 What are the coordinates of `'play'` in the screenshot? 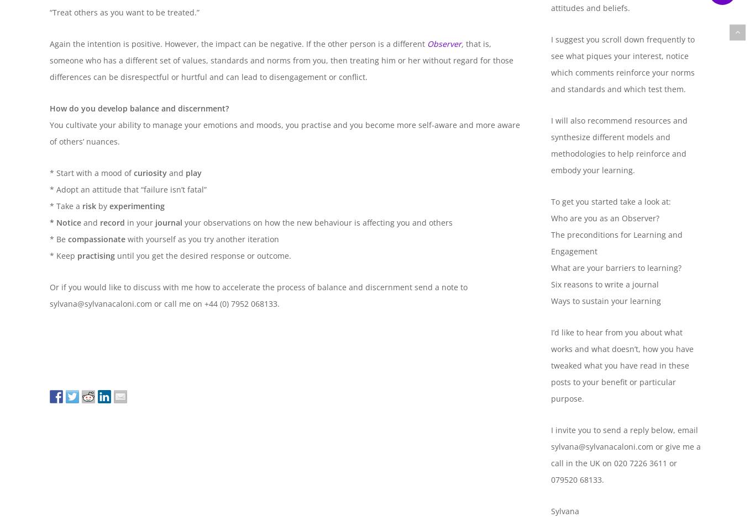 It's located at (192, 173).